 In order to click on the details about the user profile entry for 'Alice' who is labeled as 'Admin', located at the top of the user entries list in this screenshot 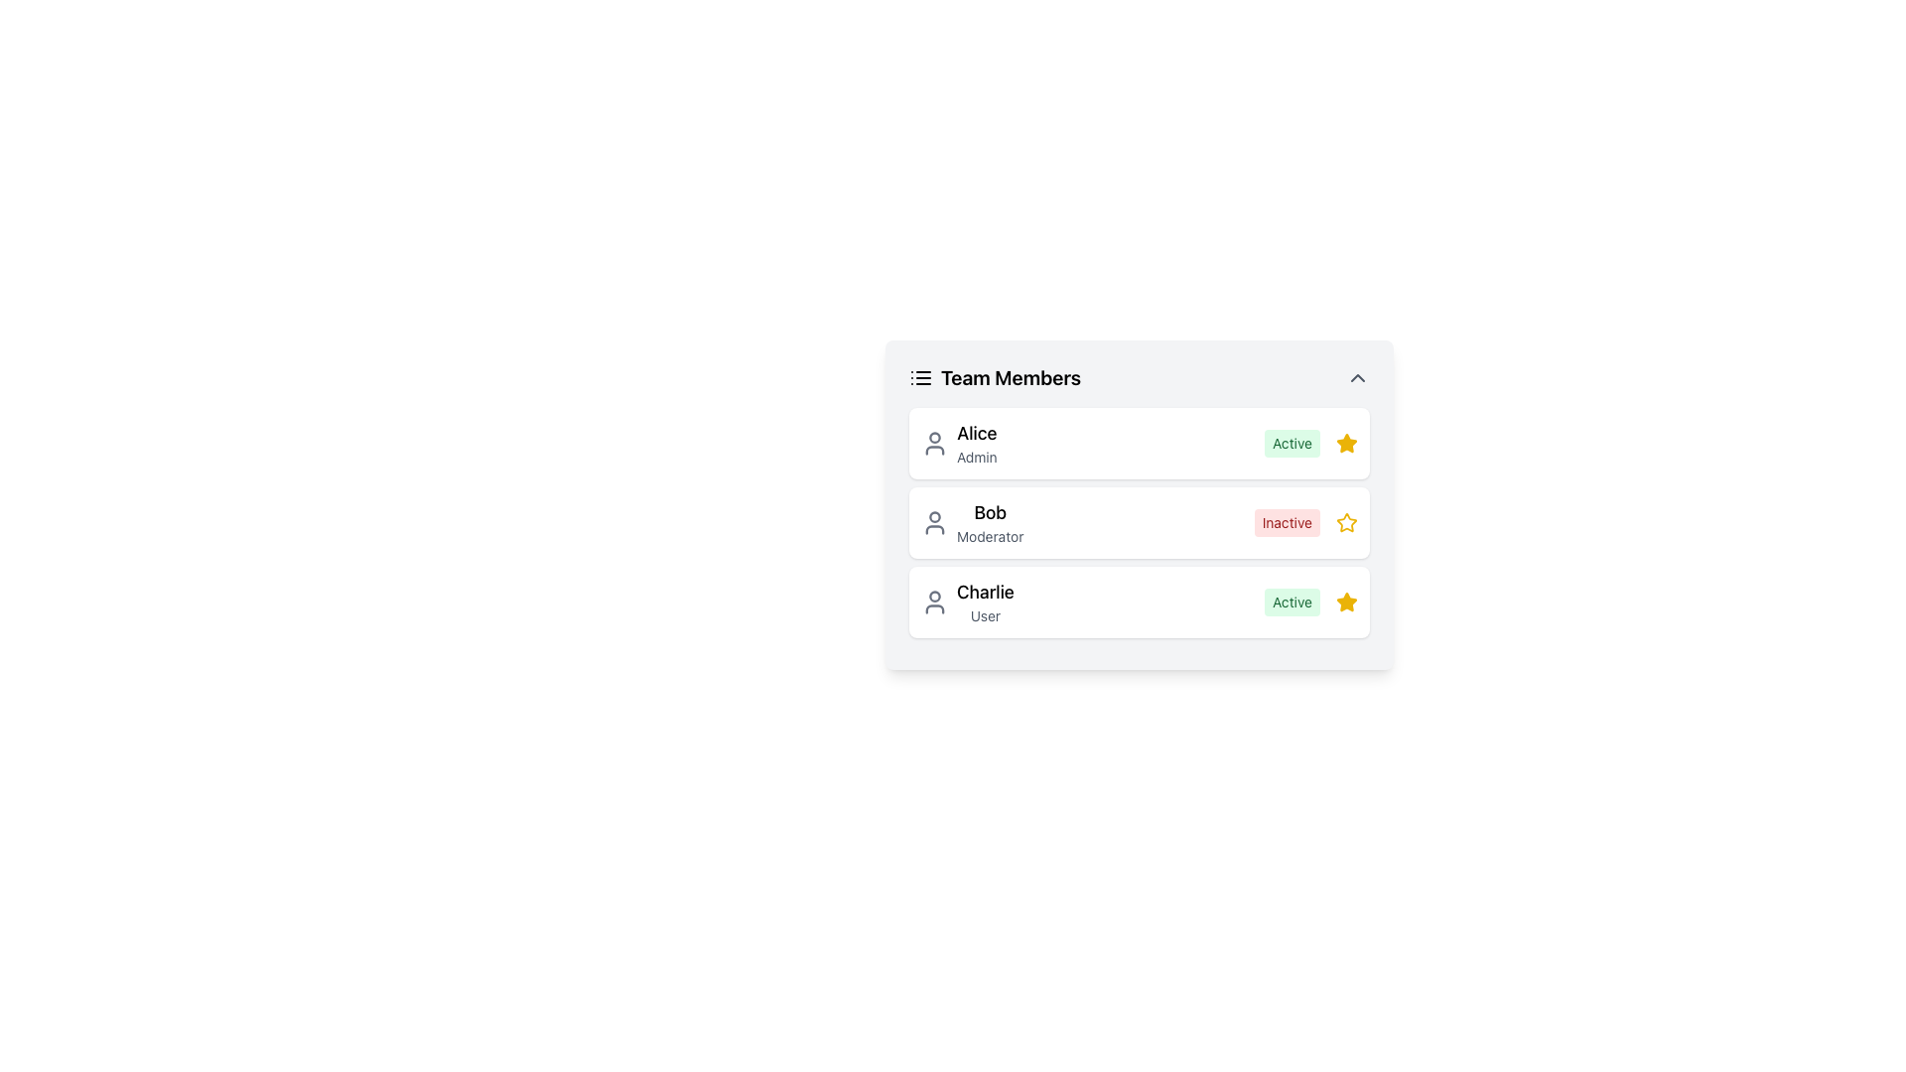, I will do `click(959, 443)`.